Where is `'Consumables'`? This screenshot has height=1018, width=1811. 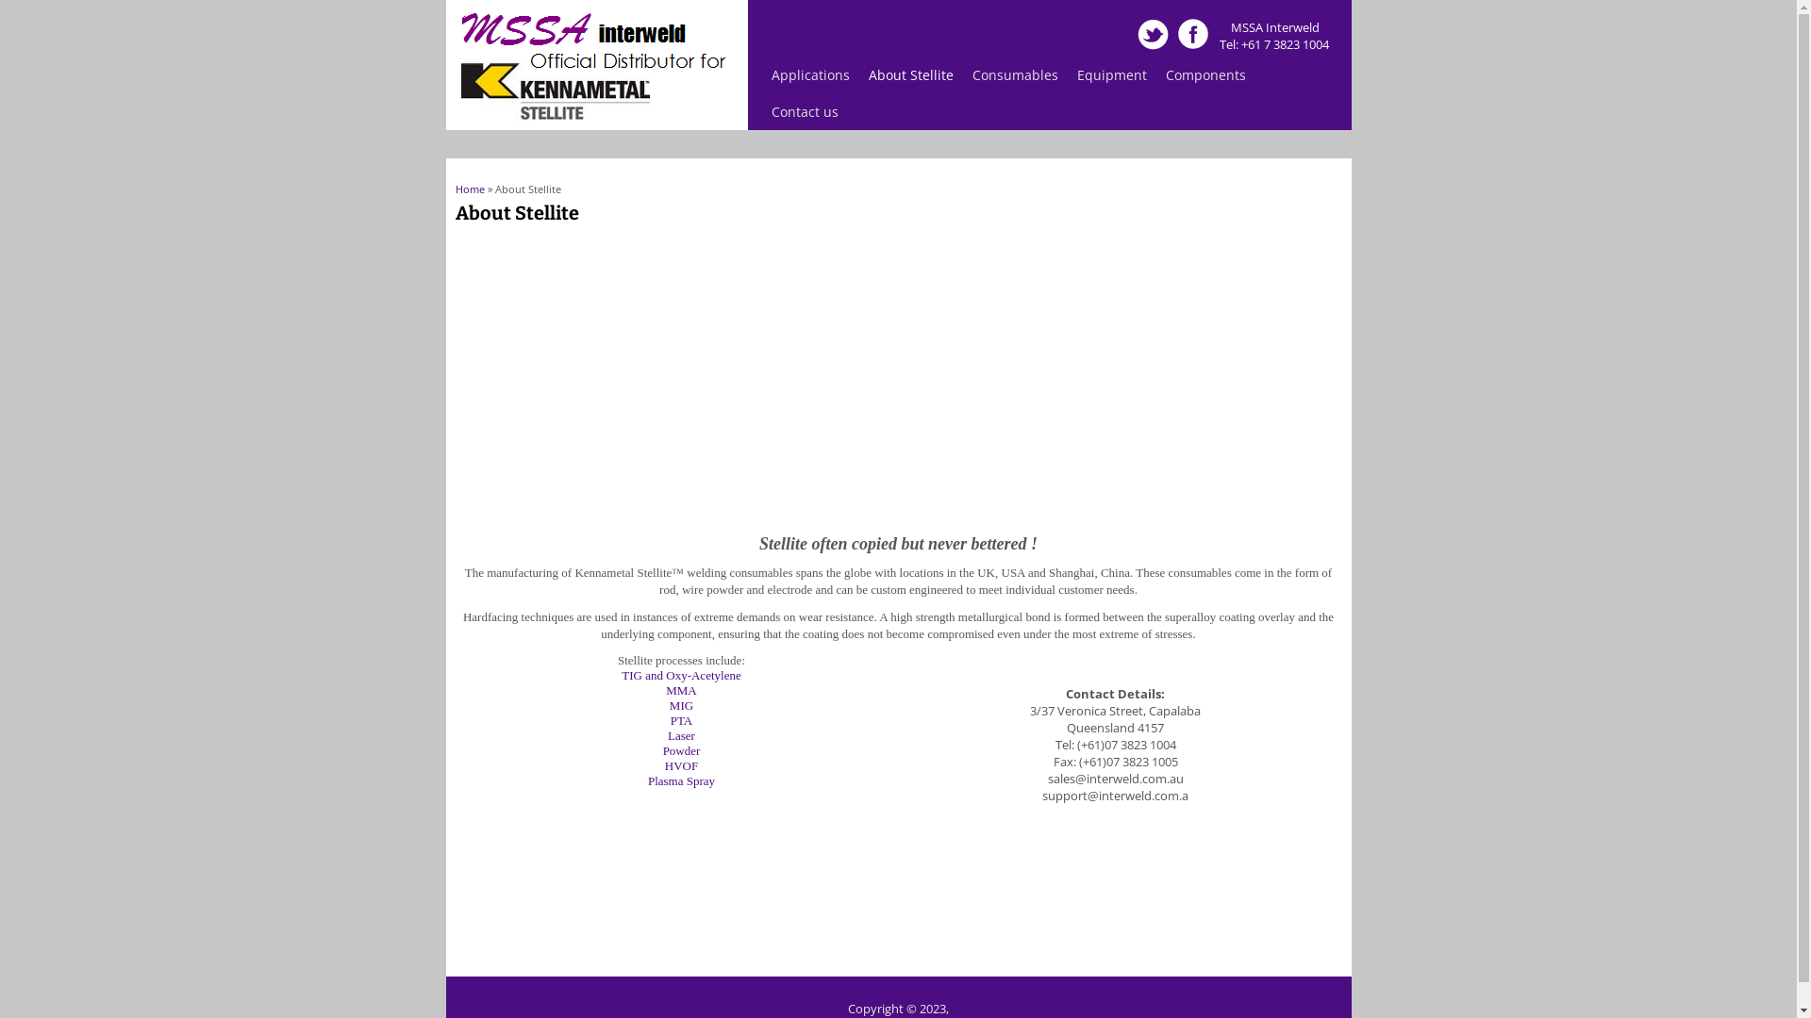 'Consumables' is located at coordinates (1013, 74).